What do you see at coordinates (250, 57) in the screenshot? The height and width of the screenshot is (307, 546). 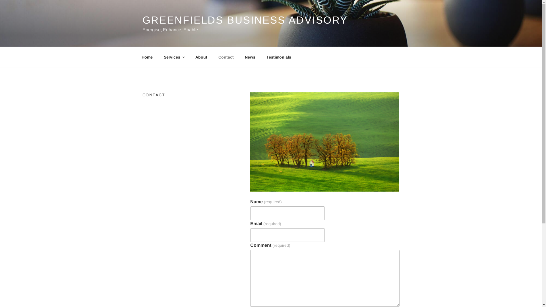 I see `'News'` at bounding box center [250, 57].